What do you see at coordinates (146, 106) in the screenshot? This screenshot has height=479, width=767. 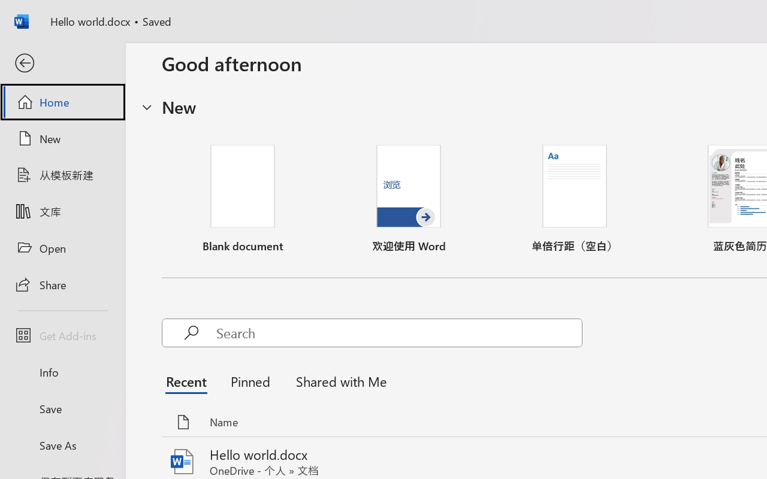 I see `'Hide or show region'` at bounding box center [146, 106].